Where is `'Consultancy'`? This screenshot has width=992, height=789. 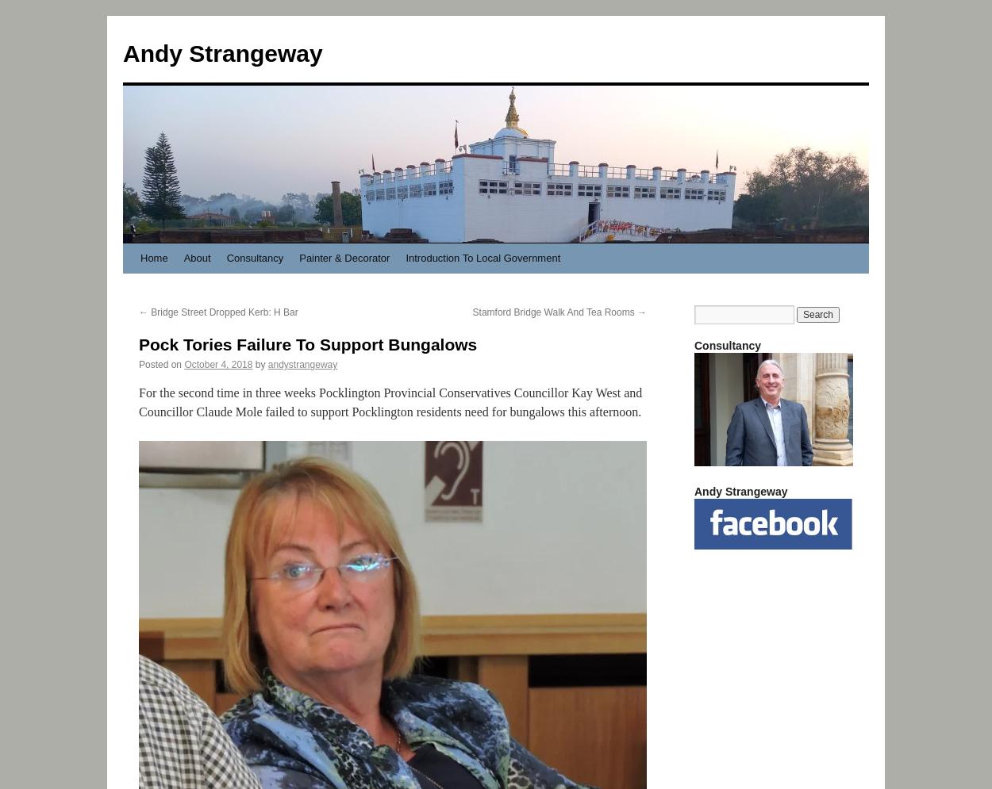
'Consultancy' is located at coordinates (728, 345).